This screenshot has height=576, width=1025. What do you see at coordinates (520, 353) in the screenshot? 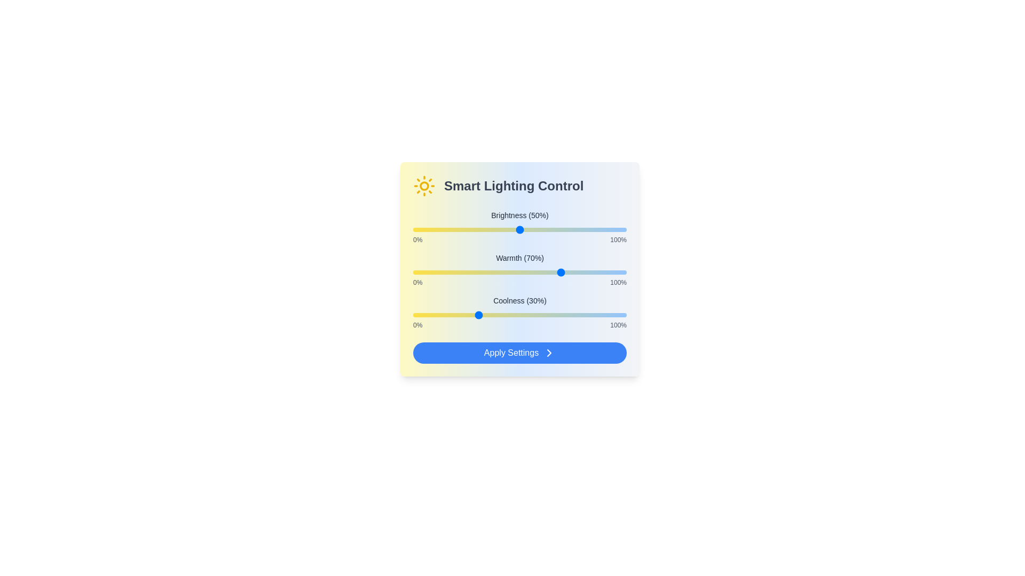
I see `the 'Apply Settings' button` at bounding box center [520, 353].